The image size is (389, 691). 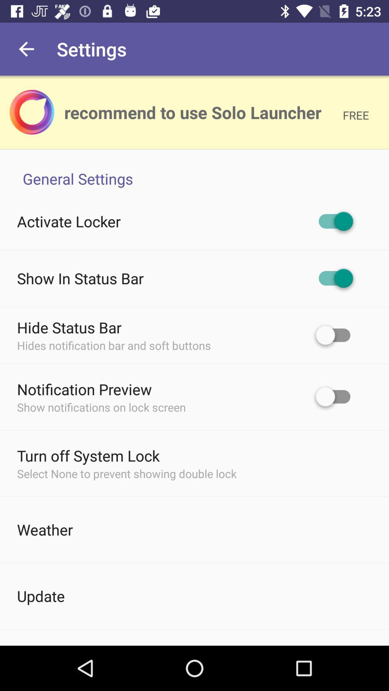 I want to click on icon to the left of the settings, so click(x=26, y=49).